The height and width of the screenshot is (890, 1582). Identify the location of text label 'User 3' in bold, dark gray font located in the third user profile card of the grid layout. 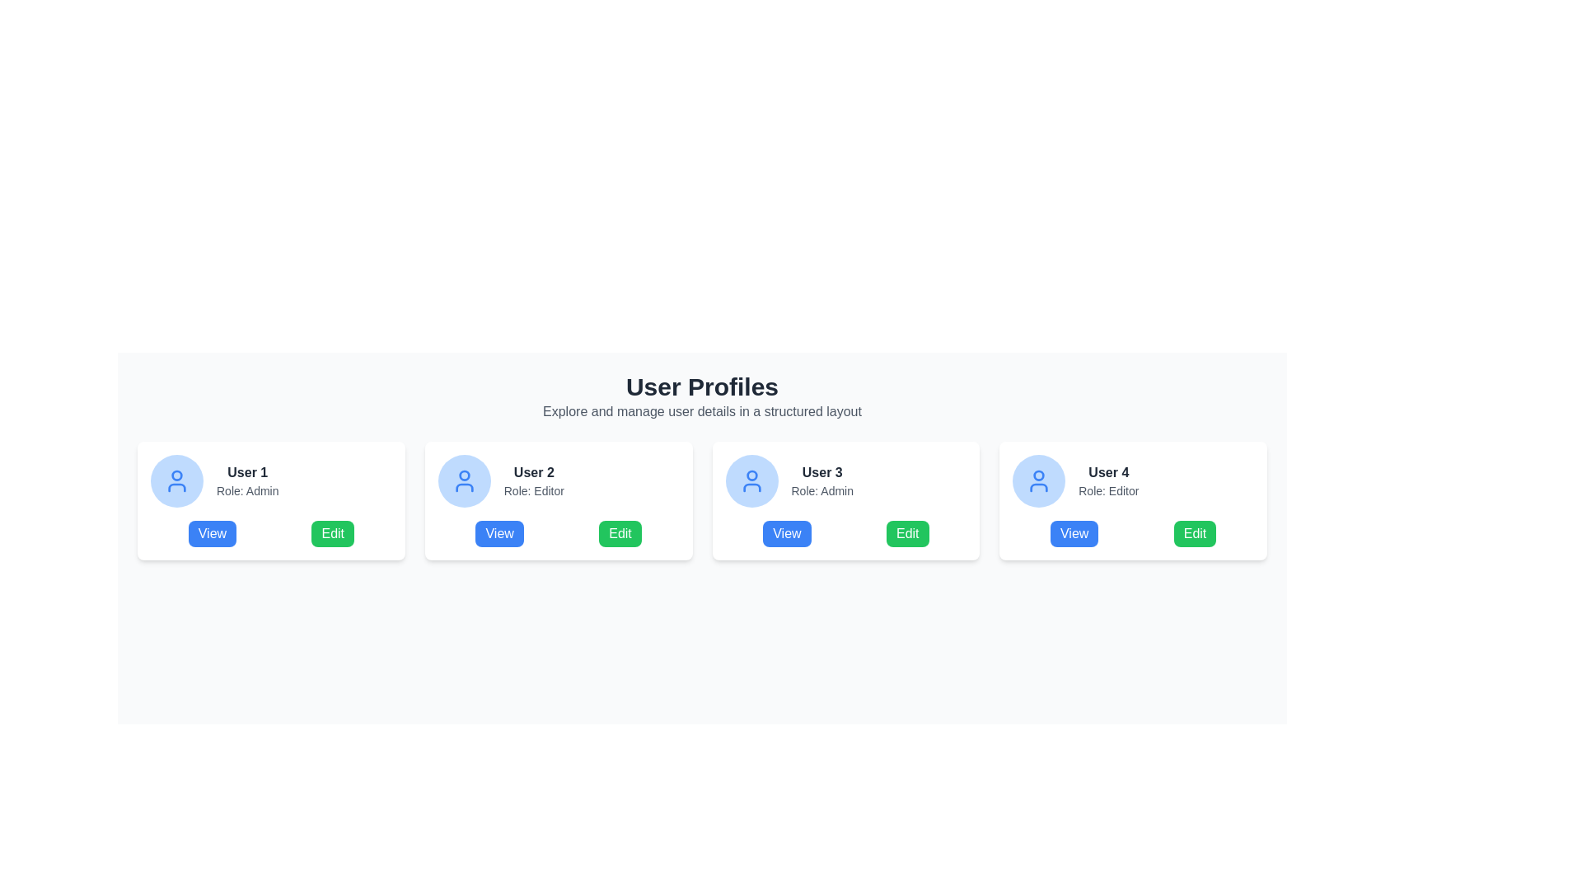
(822, 473).